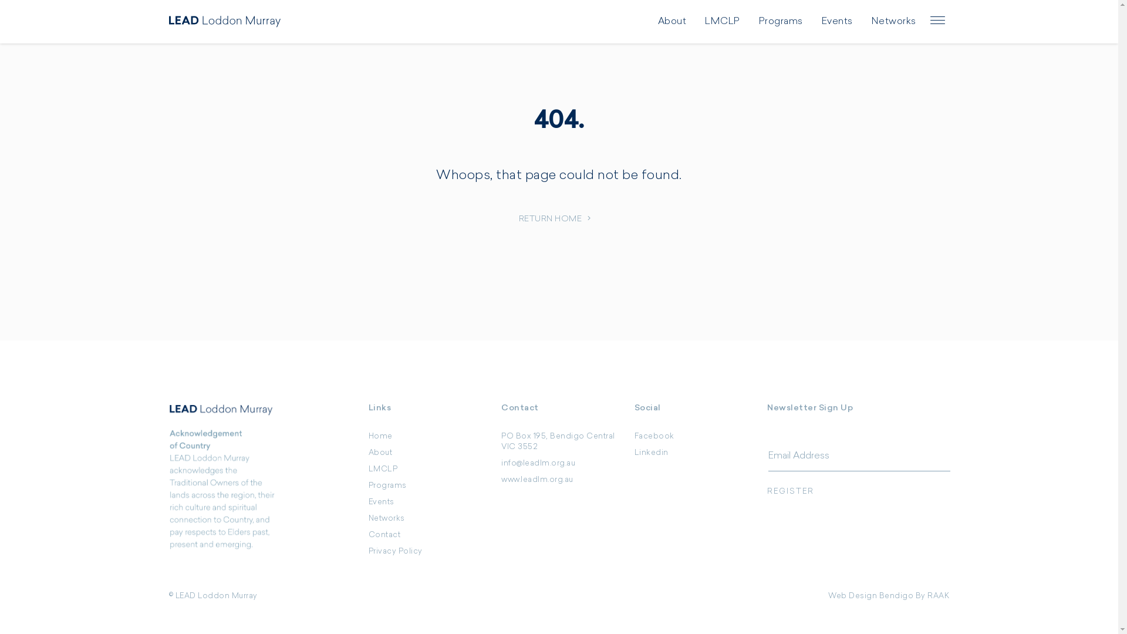 Image resolution: width=1127 pixels, height=634 pixels. What do you see at coordinates (536, 480) in the screenshot?
I see `'www.leadlm.org.au'` at bounding box center [536, 480].